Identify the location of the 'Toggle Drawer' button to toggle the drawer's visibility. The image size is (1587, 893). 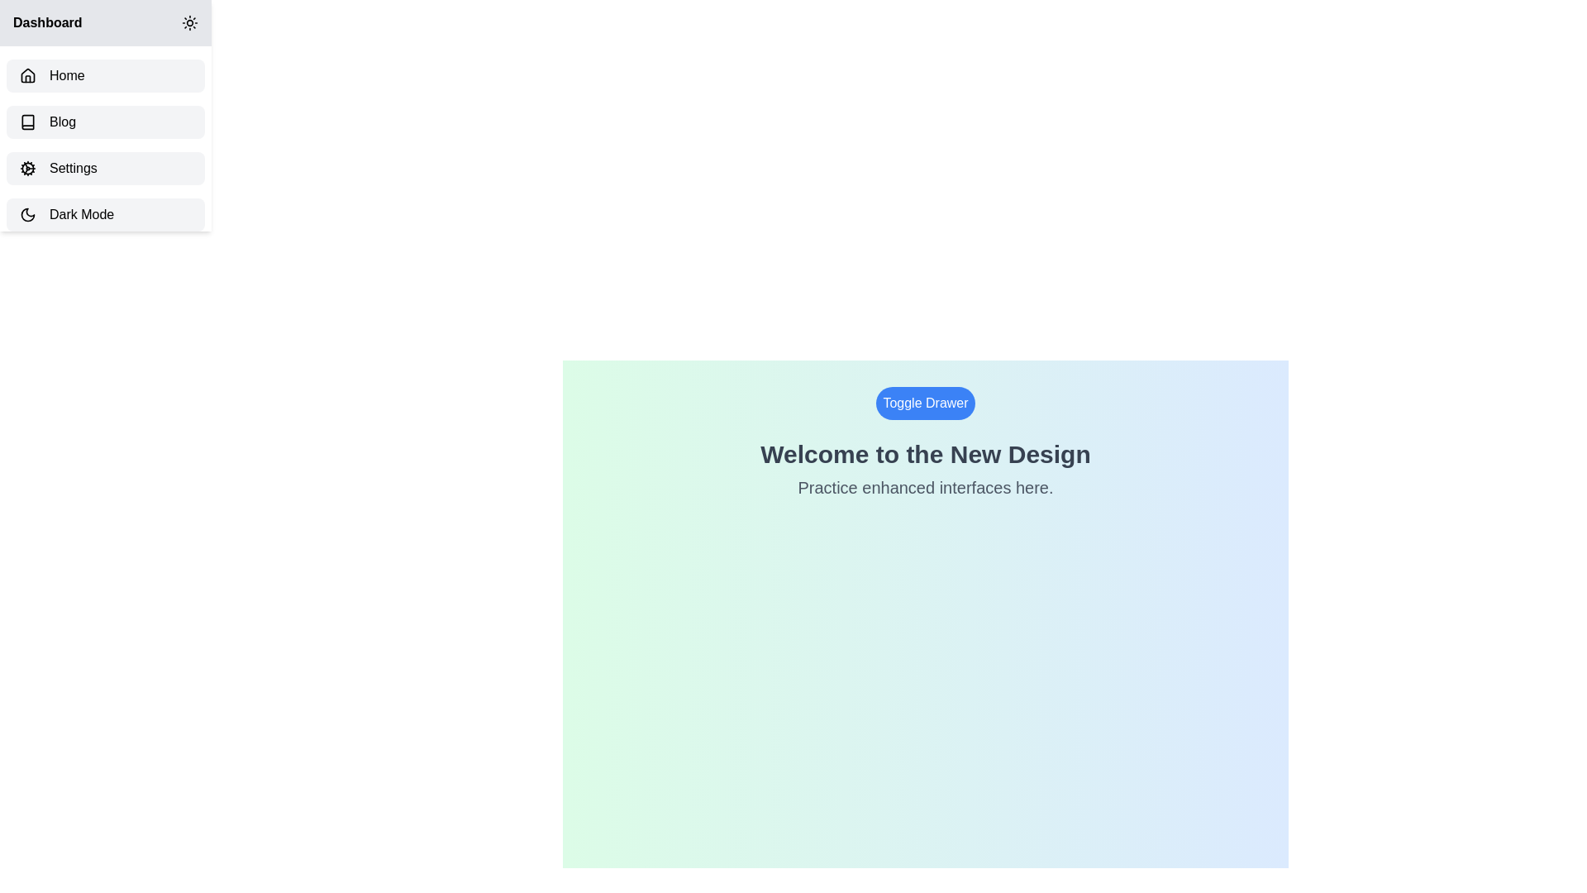
(924, 404).